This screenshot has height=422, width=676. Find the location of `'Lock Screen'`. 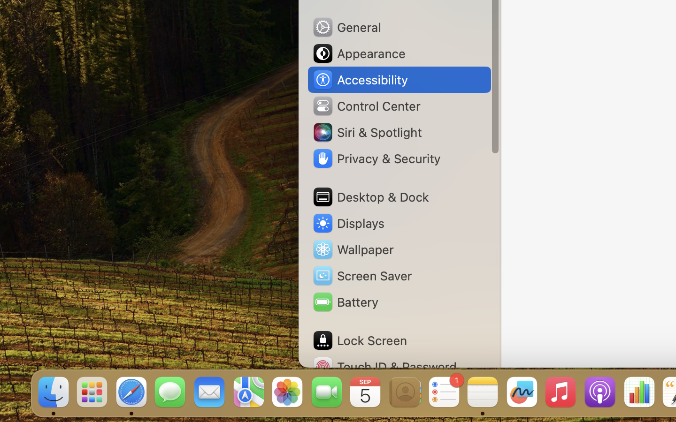

'Lock Screen' is located at coordinates (359, 340).